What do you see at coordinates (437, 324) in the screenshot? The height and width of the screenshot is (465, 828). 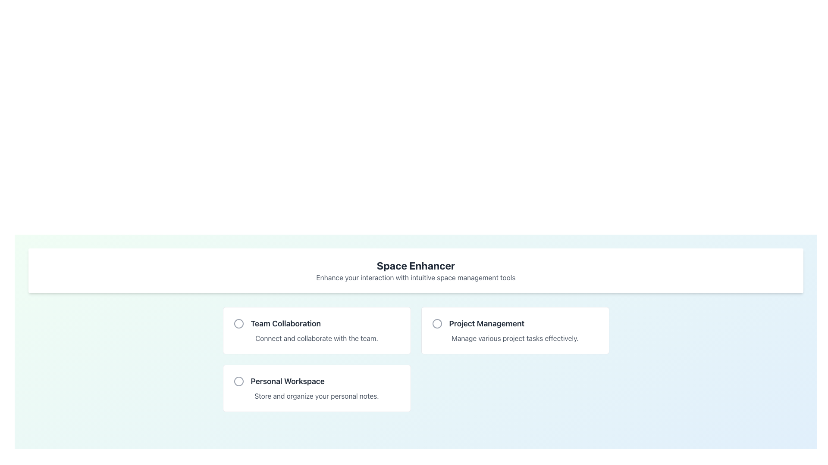 I see `the small outlined circle icon located in the 'Project Management' box, which is positioned at the center of the right-hand 'Project Management' option` at bounding box center [437, 324].